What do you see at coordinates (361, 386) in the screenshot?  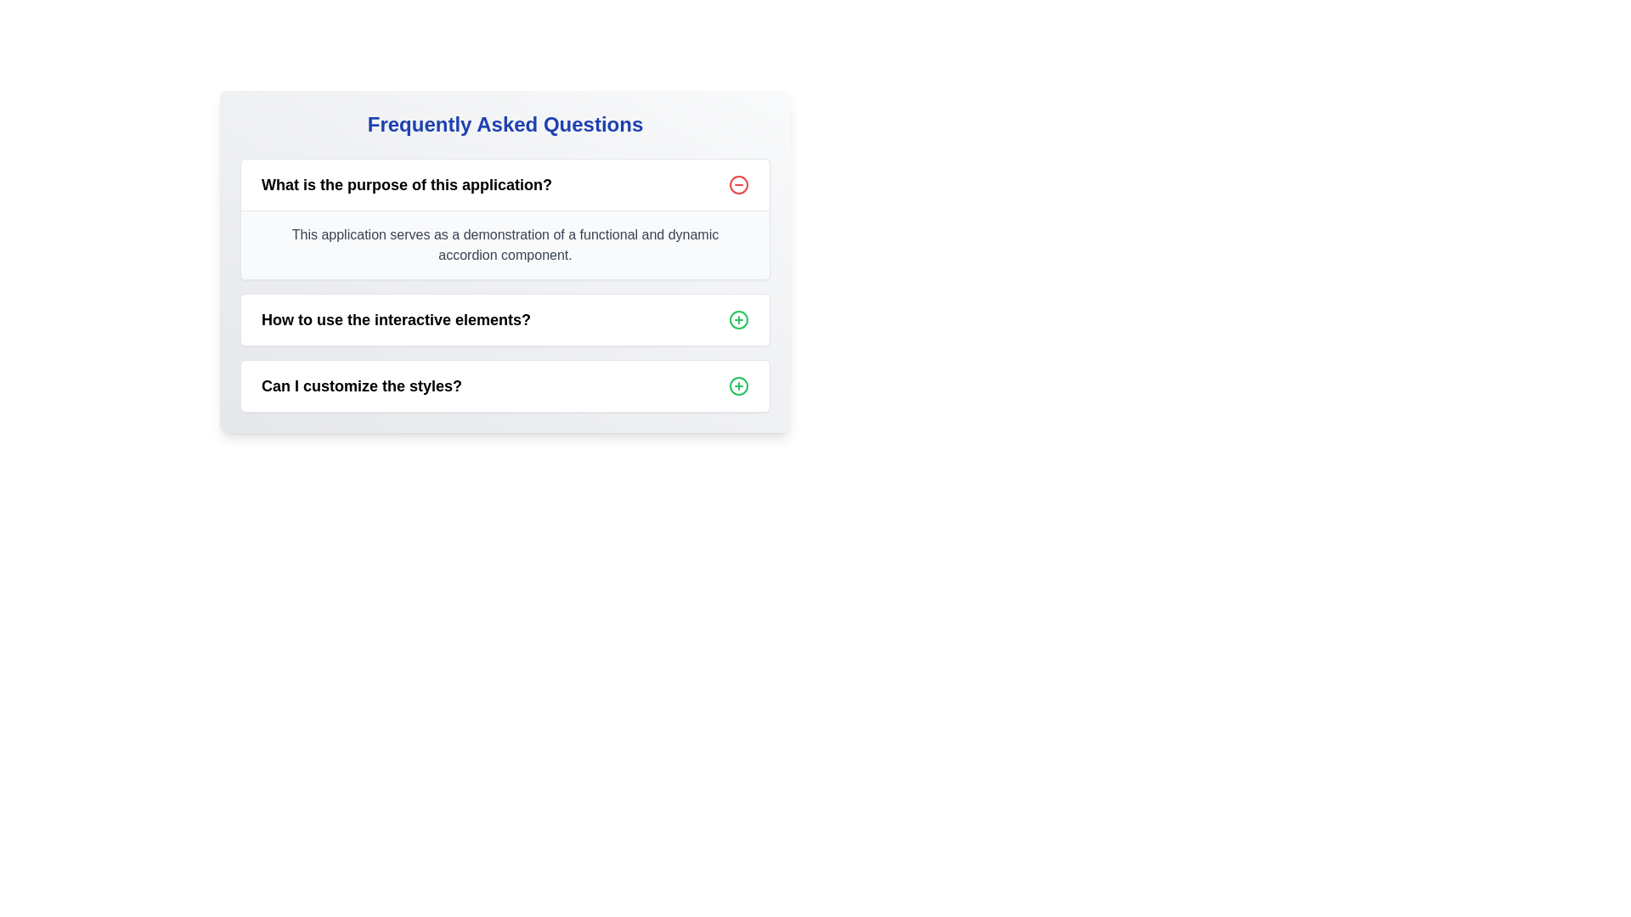 I see `the text element that displays 'Can I customize the styles?' which is the third question` at bounding box center [361, 386].